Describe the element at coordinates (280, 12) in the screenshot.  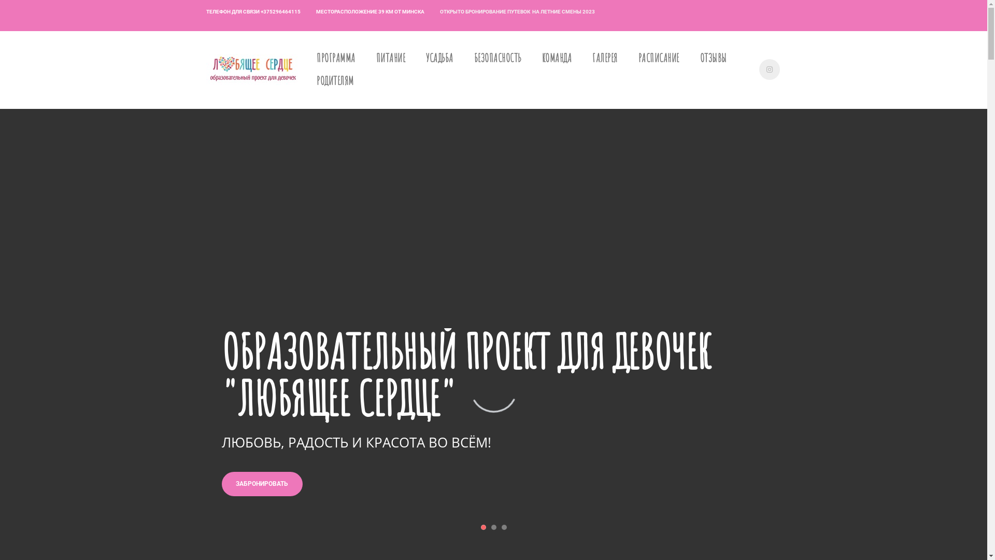
I see `'+375296464115'` at that location.